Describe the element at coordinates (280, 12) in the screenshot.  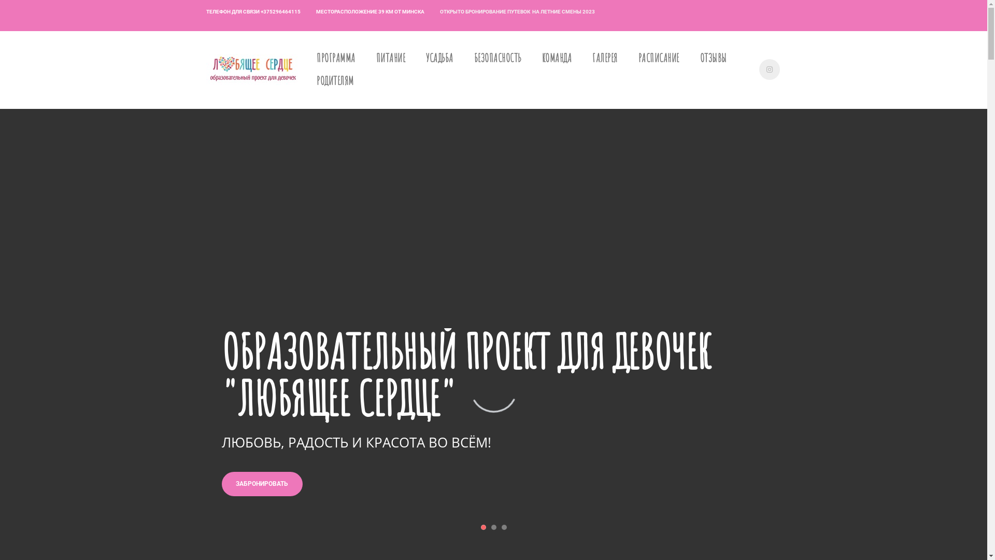
I see `'+375296464115'` at that location.